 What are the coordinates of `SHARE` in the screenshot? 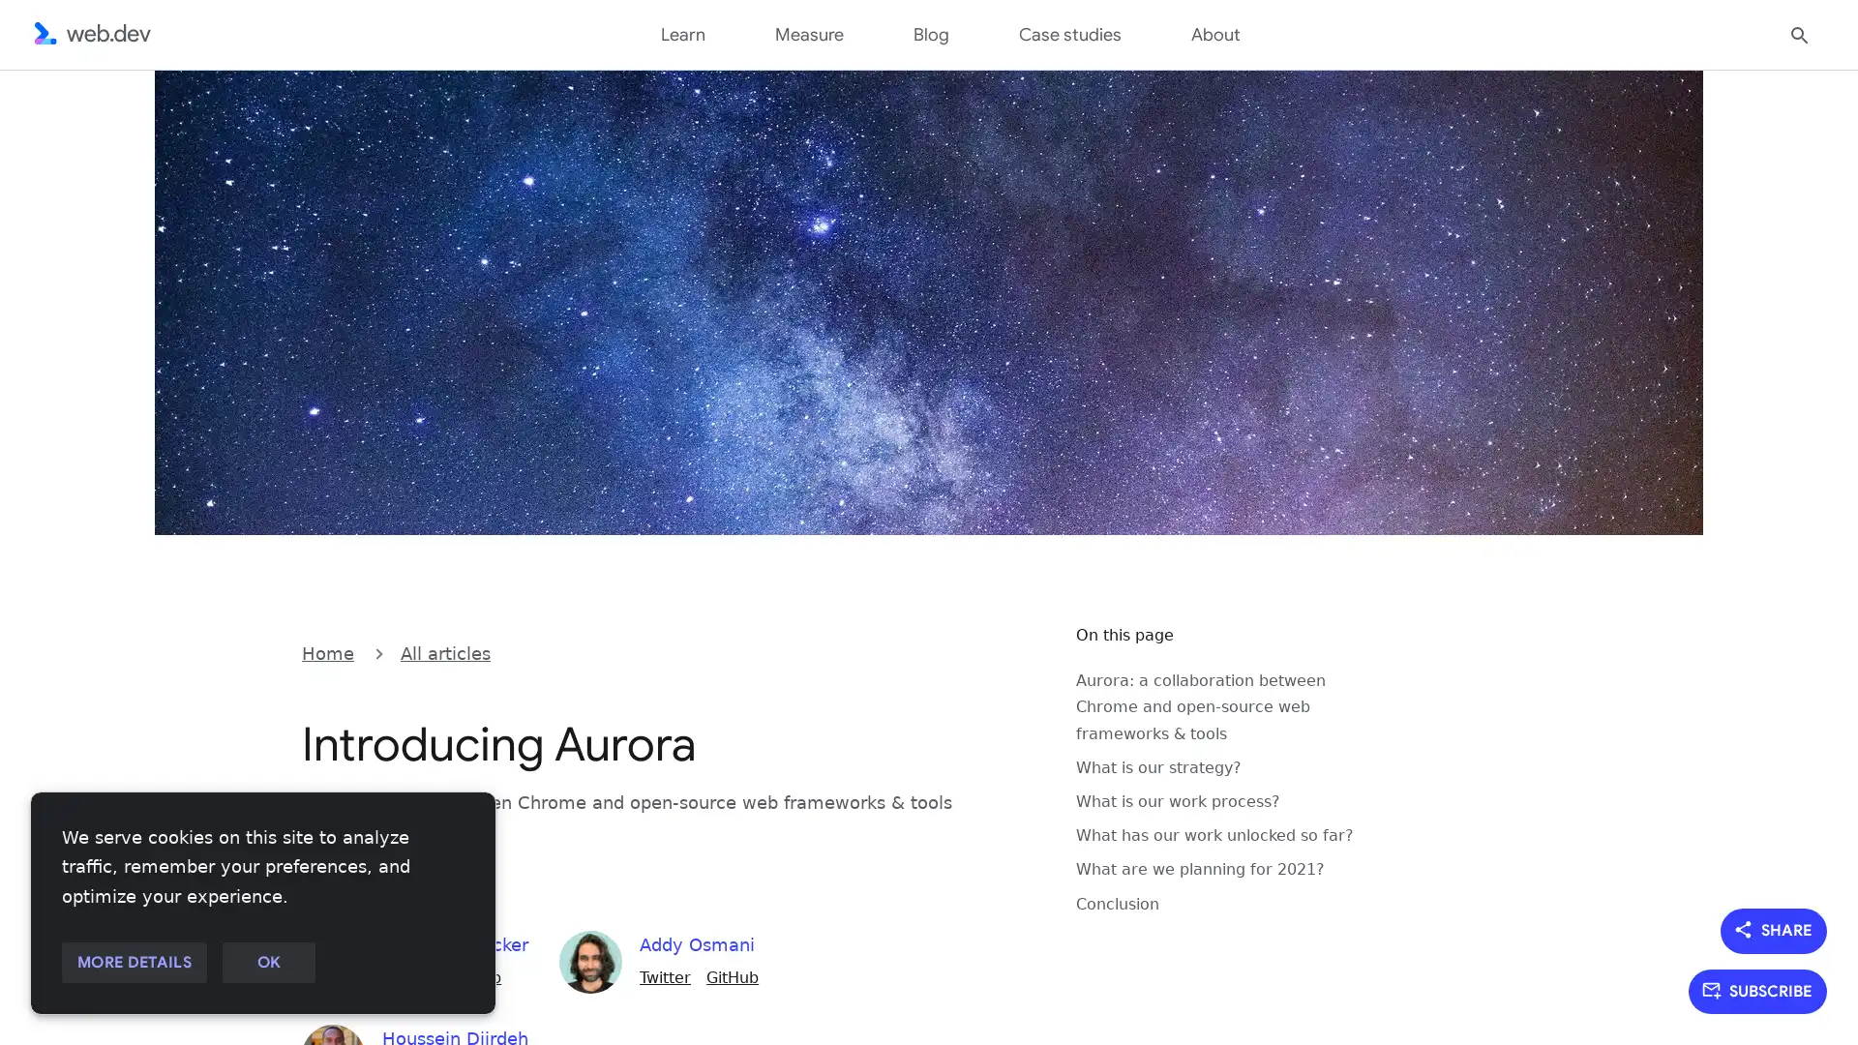 It's located at (1774, 929).